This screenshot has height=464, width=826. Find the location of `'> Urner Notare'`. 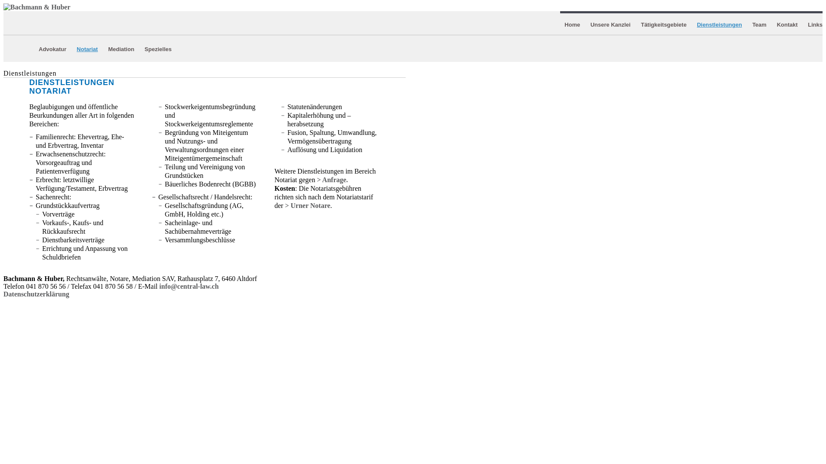

'> Urner Notare' is located at coordinates (307, 205).